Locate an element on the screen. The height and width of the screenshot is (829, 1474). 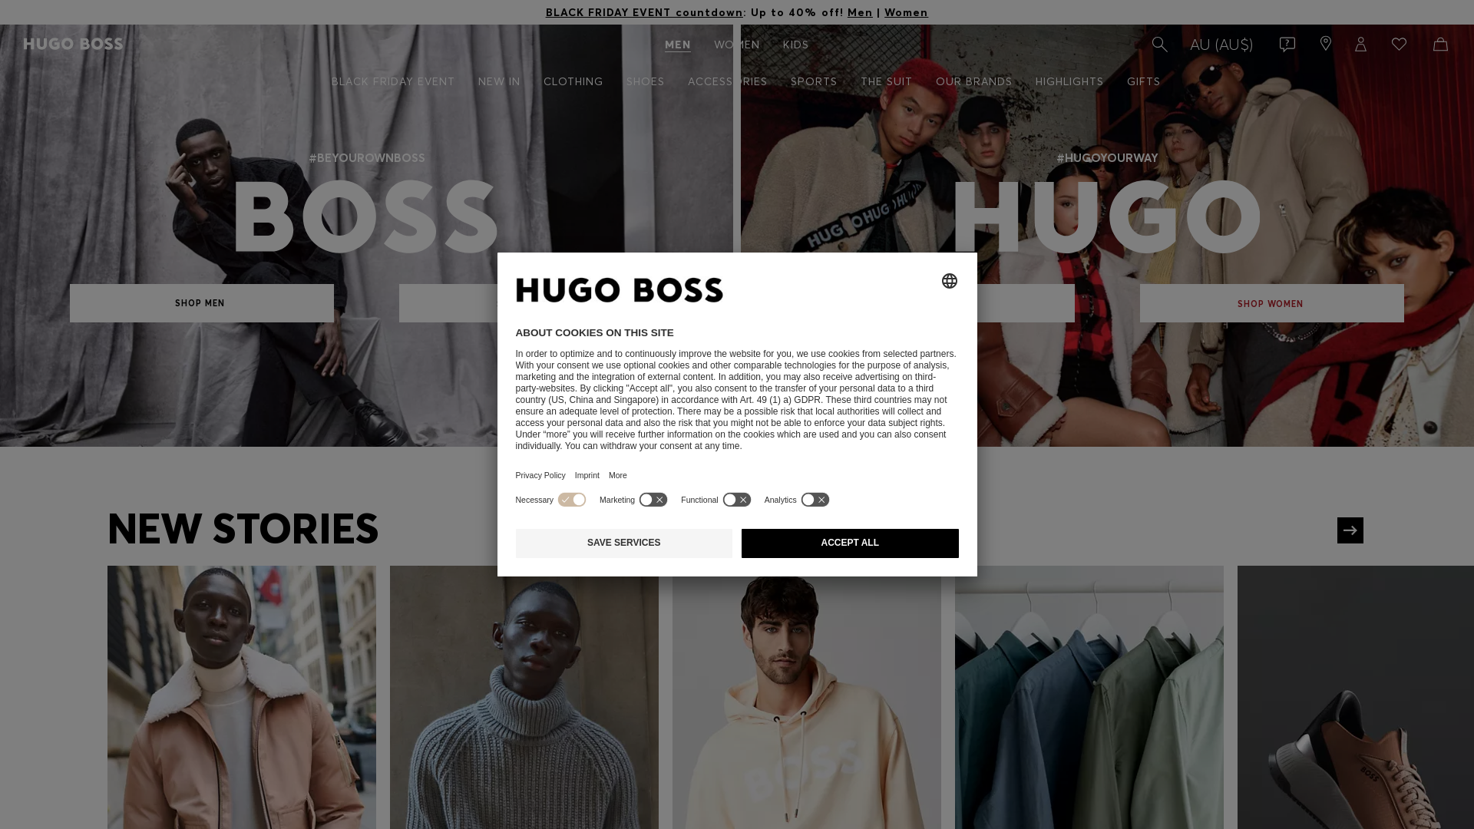
'BLACK FRIDAY EVENT' is located at coordinates (319, 81).